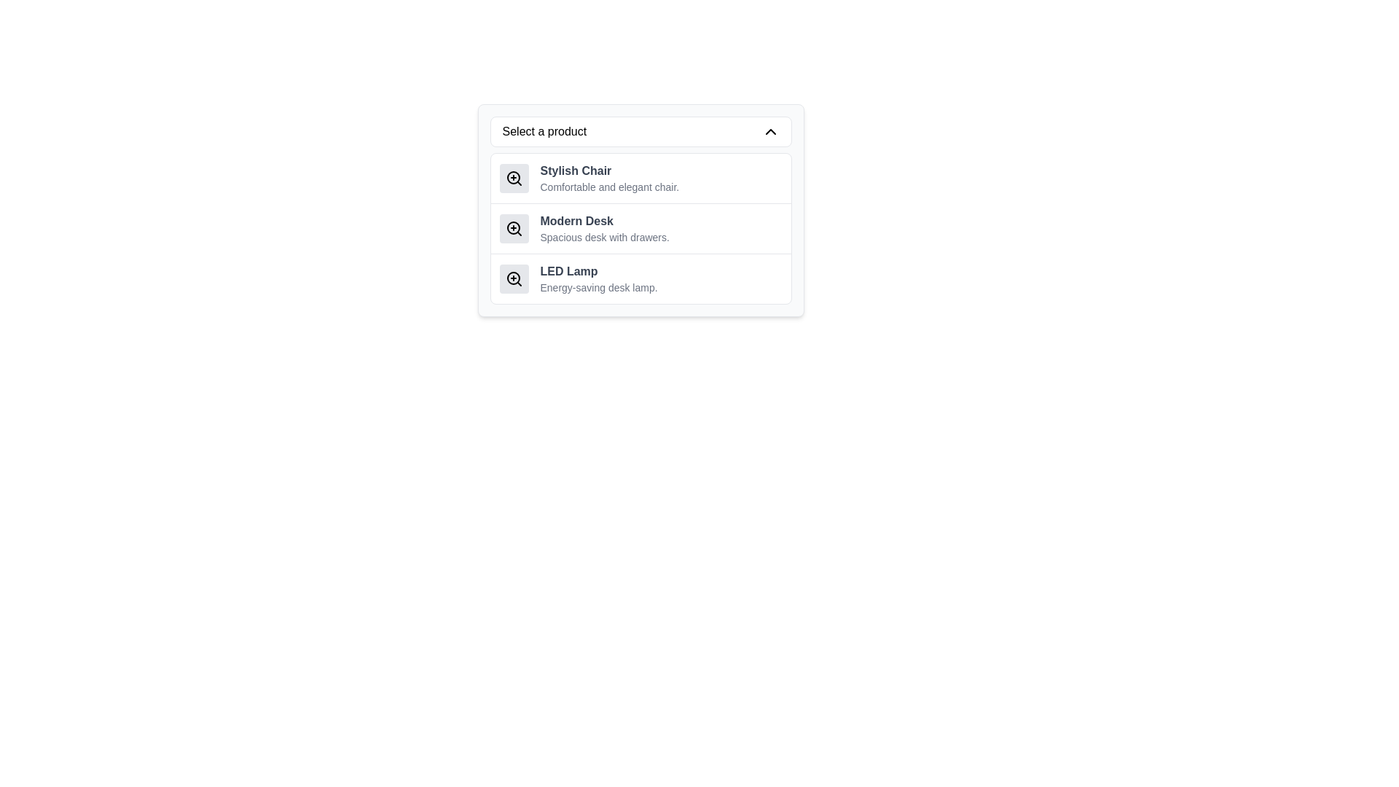  I want to click on the small gray rectangular button with rounded corners containing a magnifying glass icon with a plus sign, located to the left of the 'LED Lamp' text in the product selection dropdown menu, so click(514, 278).